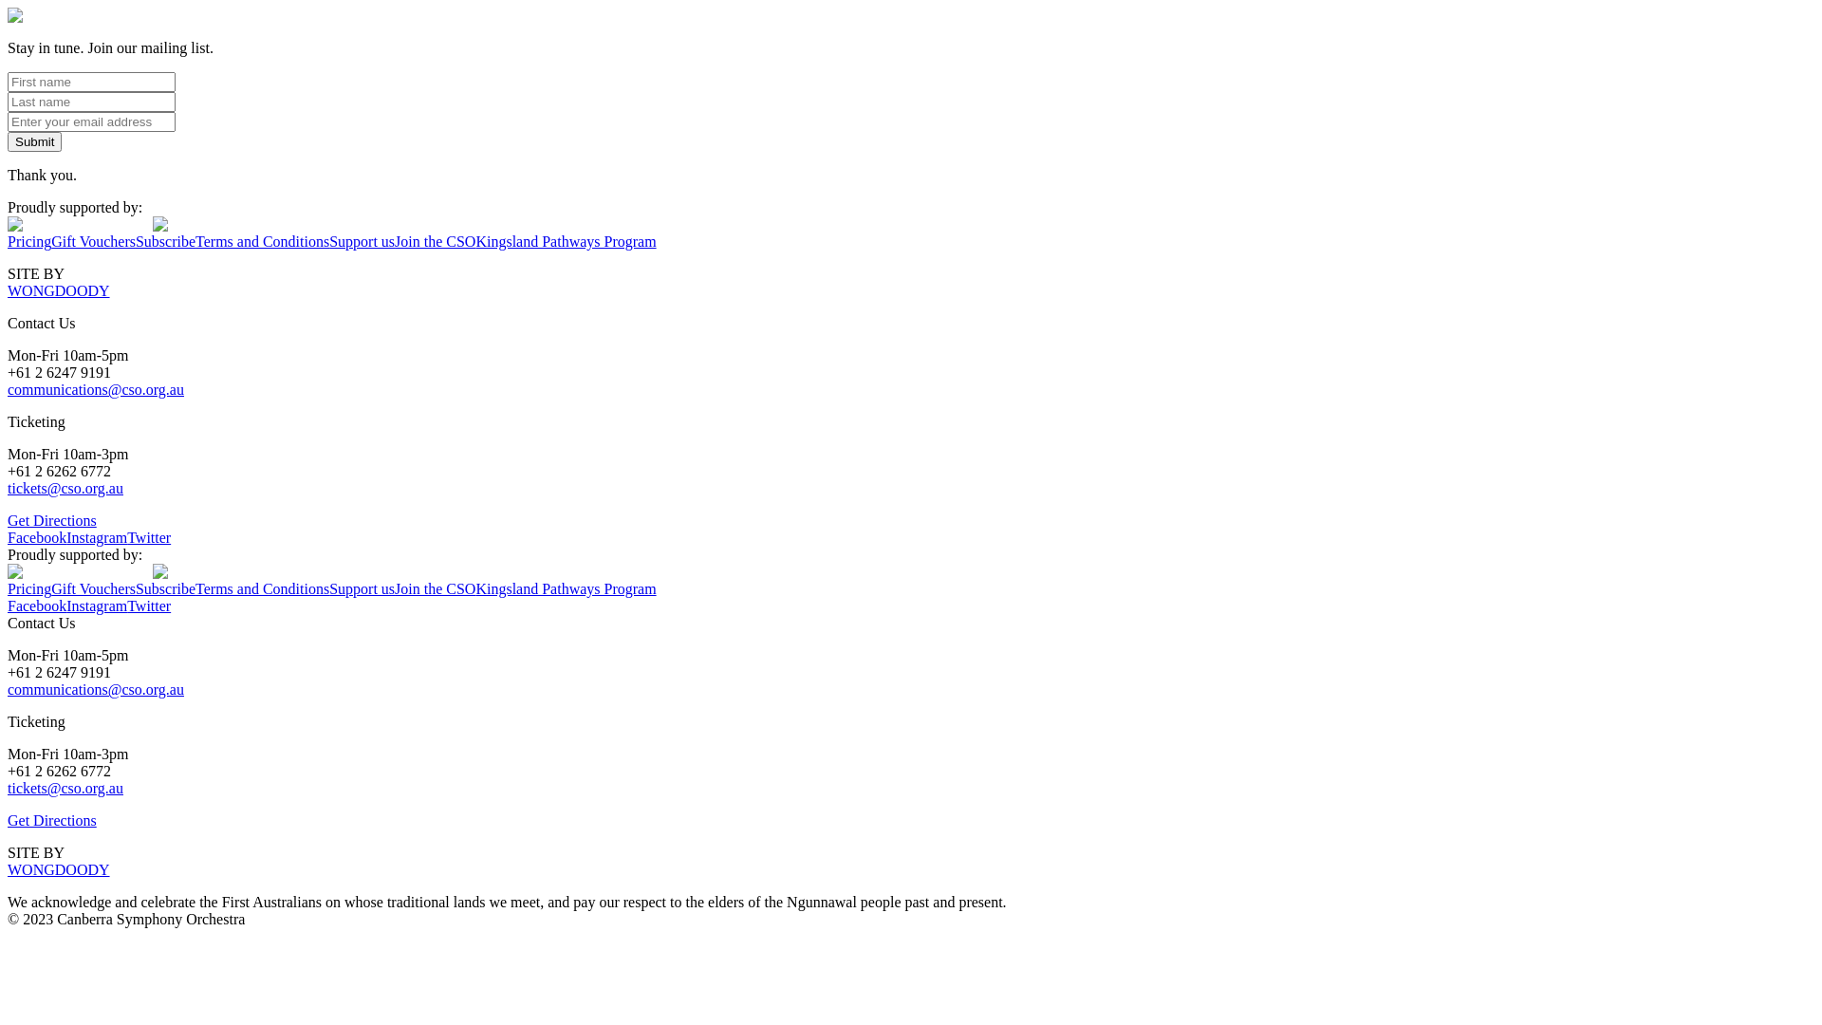 This screenshot has height=1025, width=1822. What do you see at coordinates (28, 240) in the screenshot?
I see `'Pricing'` at bounding box center [28, 240].